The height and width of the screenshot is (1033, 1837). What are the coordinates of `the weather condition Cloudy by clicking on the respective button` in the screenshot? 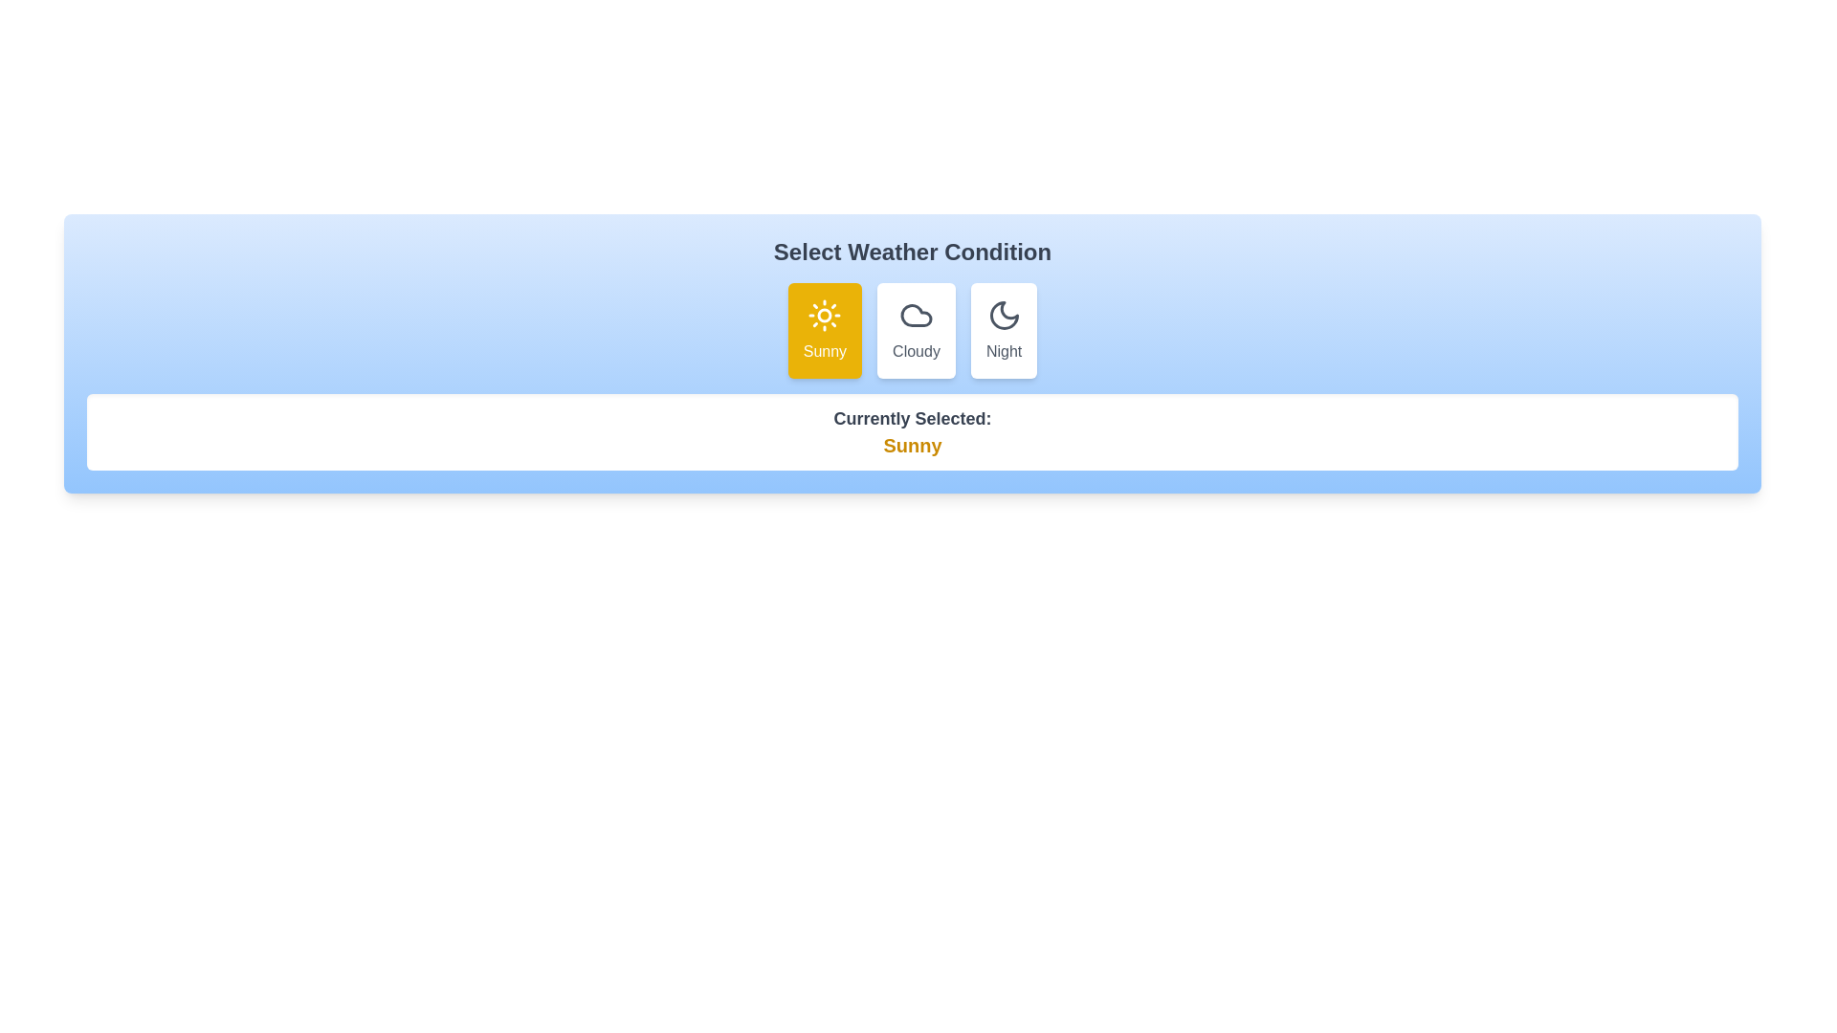 It's located at (916, 330).